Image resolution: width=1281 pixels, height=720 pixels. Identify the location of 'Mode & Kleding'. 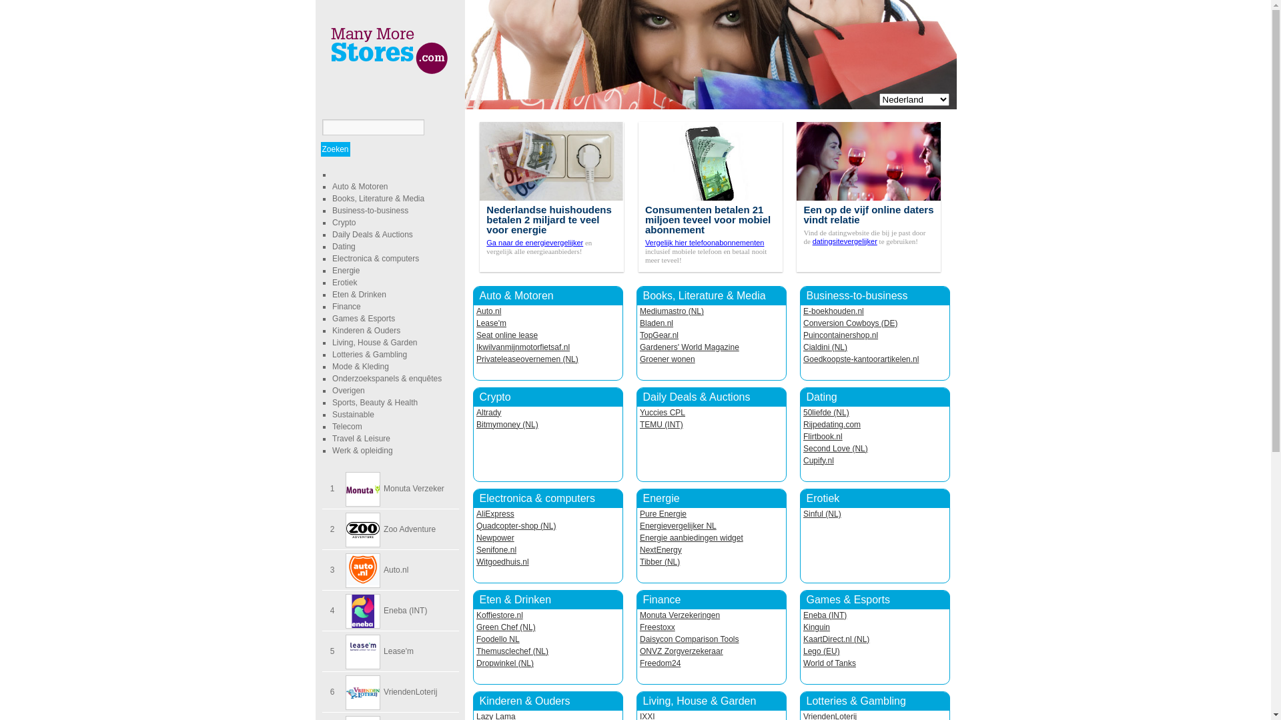
(360, 367).